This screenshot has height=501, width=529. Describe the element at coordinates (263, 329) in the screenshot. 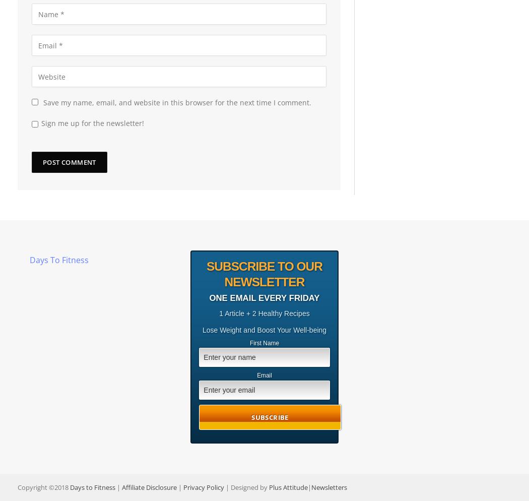

I see `'Lose Weight and Boost Your Well-being'` at that location.